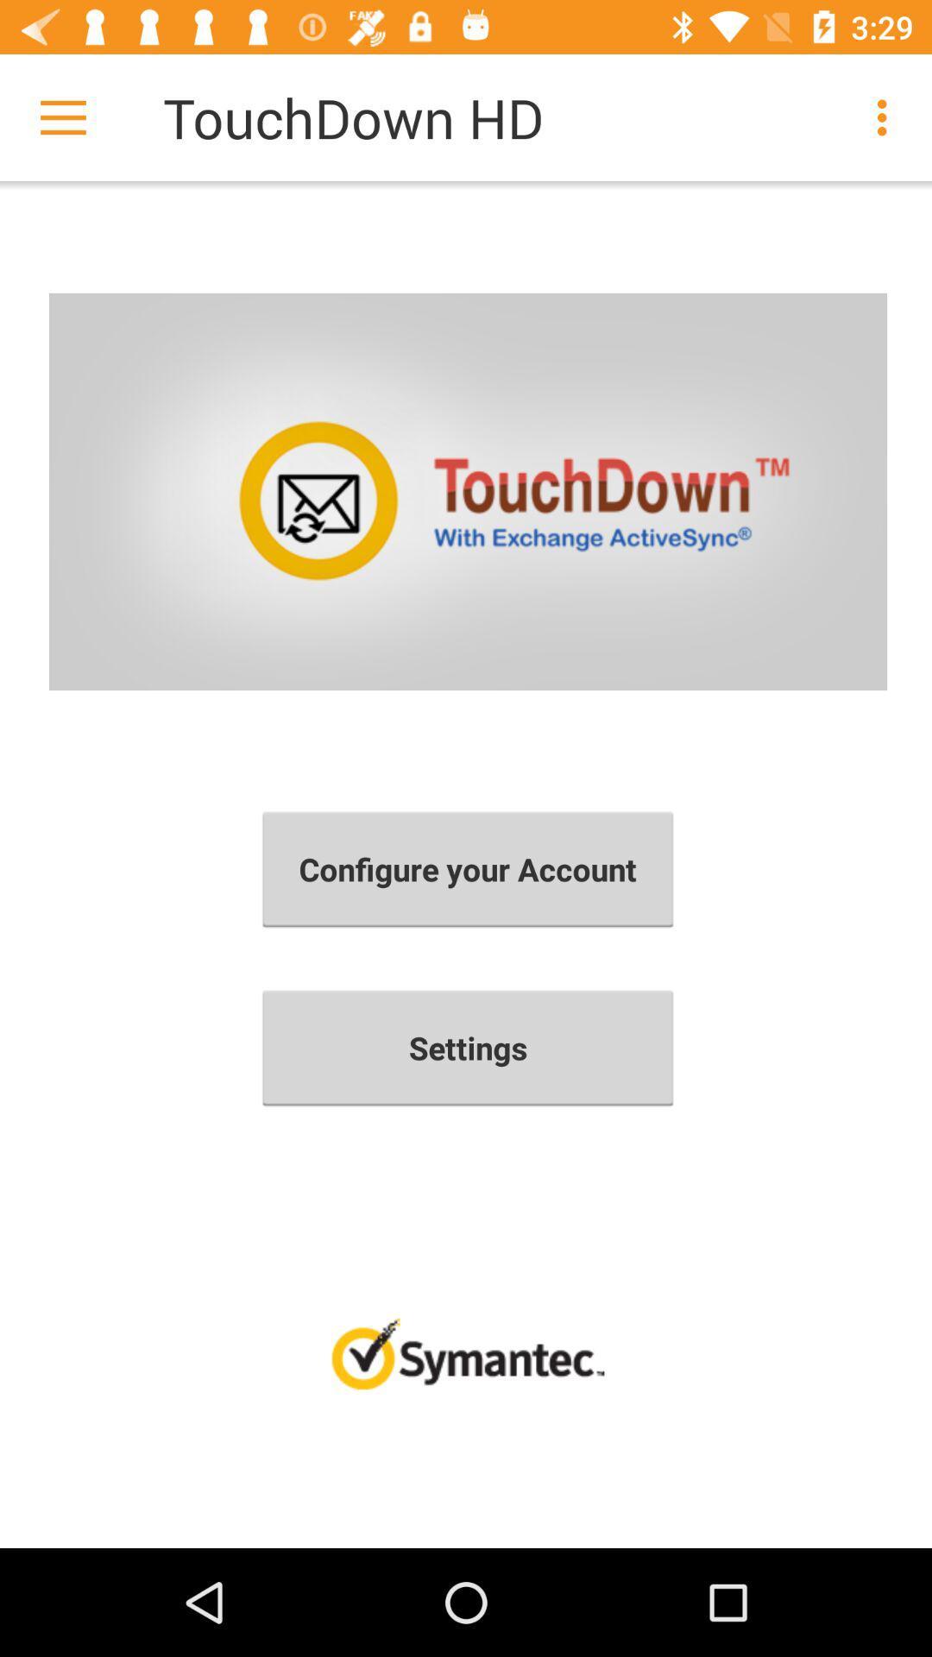  Describe the element at coordinates (886, 117) in the screenshot. I see `item to the right of the touchdown hd item` at that location.